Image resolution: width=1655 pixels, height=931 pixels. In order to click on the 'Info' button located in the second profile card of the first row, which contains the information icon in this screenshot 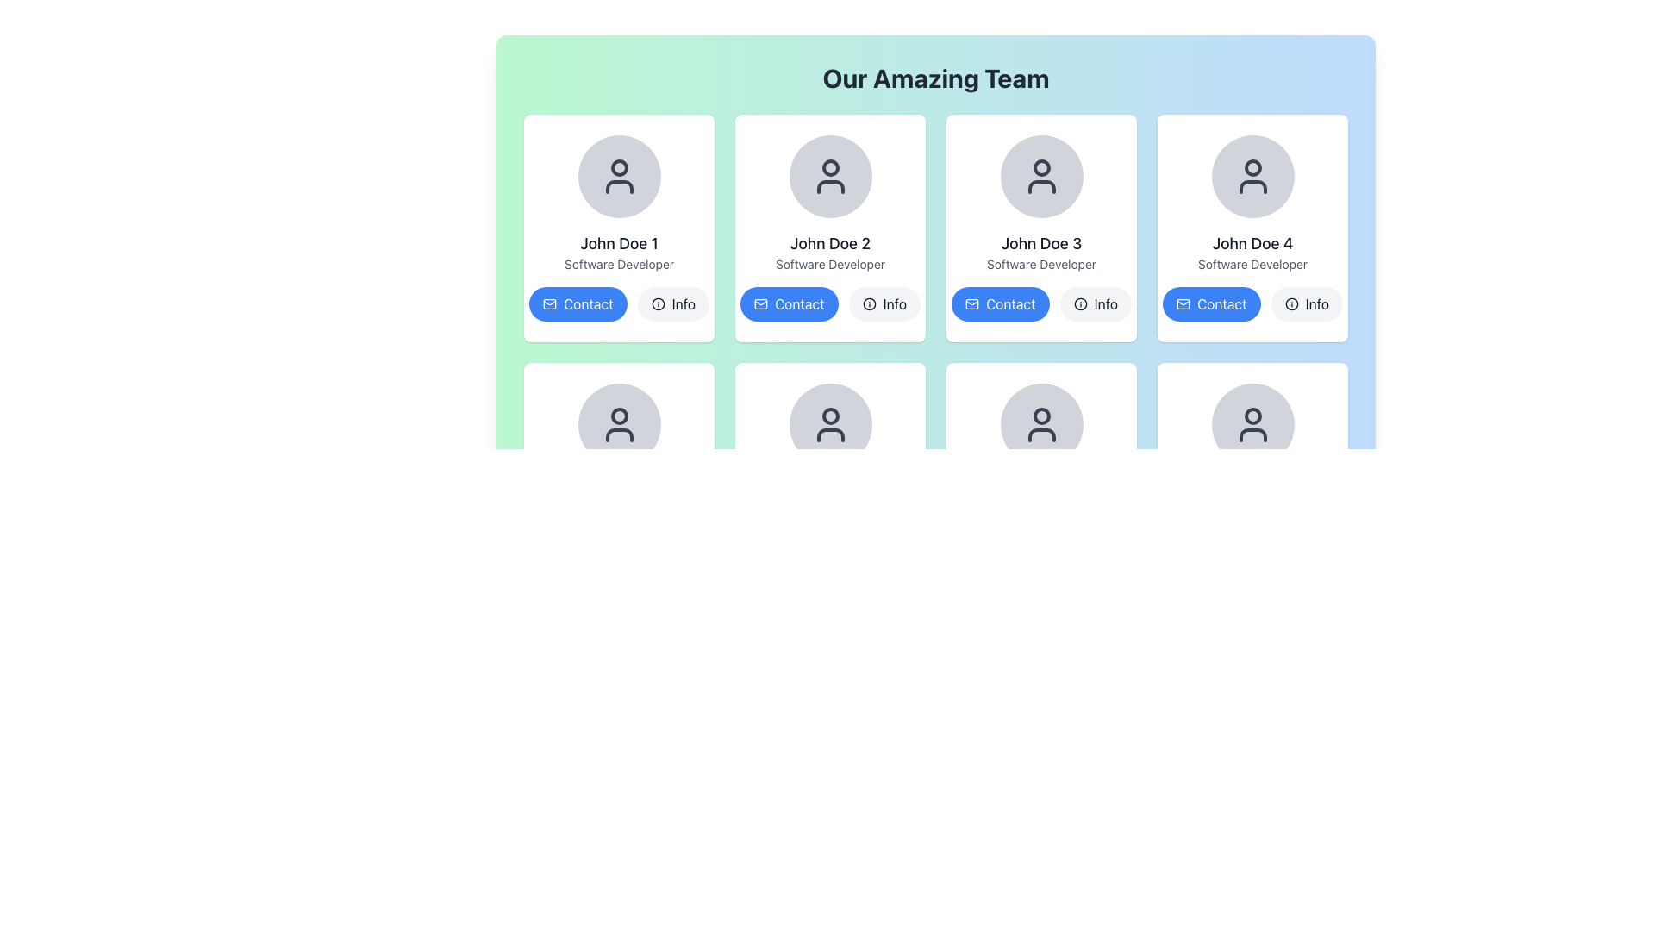, I will do `click(869, 303)`.